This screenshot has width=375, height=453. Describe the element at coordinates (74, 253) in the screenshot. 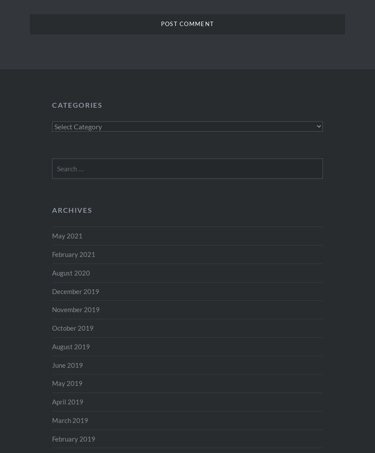

I see `'February 2021'` at that location.